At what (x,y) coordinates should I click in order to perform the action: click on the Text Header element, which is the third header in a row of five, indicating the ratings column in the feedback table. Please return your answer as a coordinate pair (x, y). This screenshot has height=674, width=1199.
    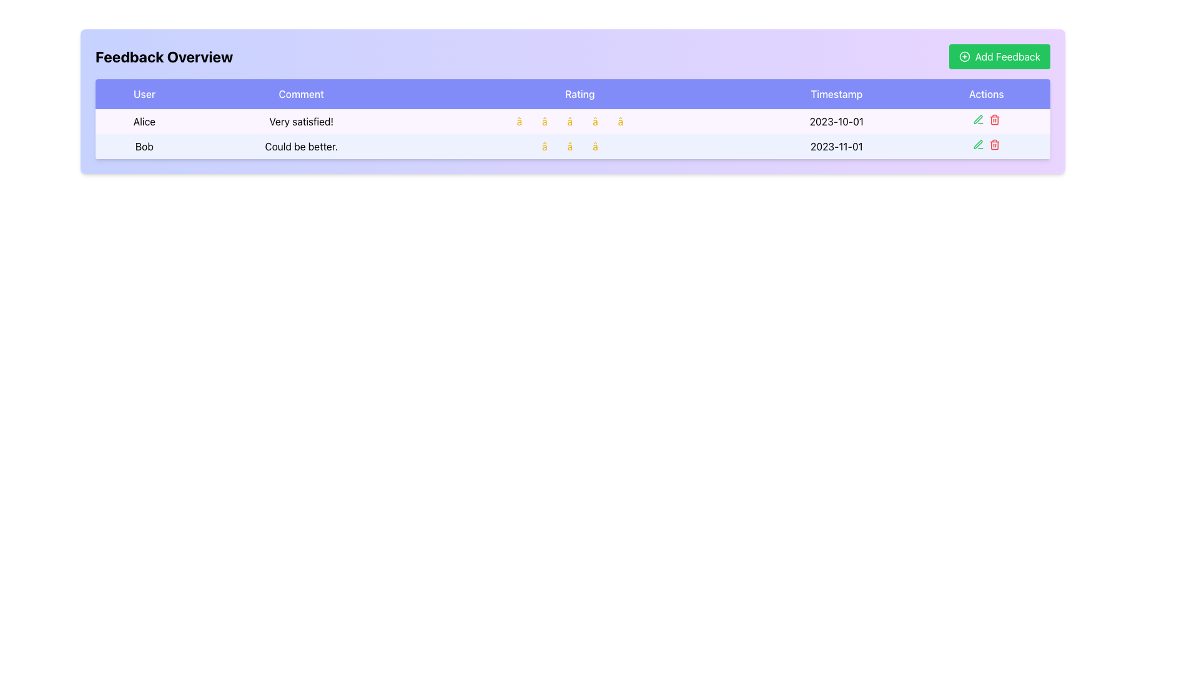
    Looking at the image, I should click on (579, 93).